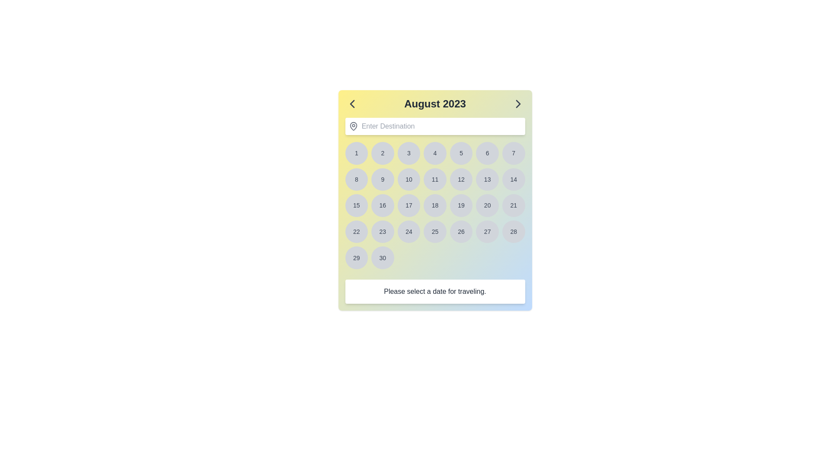 Image resolution: width=830 pixels, height=466 pixels. What do you see at coordinates (382, 257) in the screenshot?
I see `the interactive calendar date button located in the bottom-right corner of the grid layout` at bounding box center [382, 257].